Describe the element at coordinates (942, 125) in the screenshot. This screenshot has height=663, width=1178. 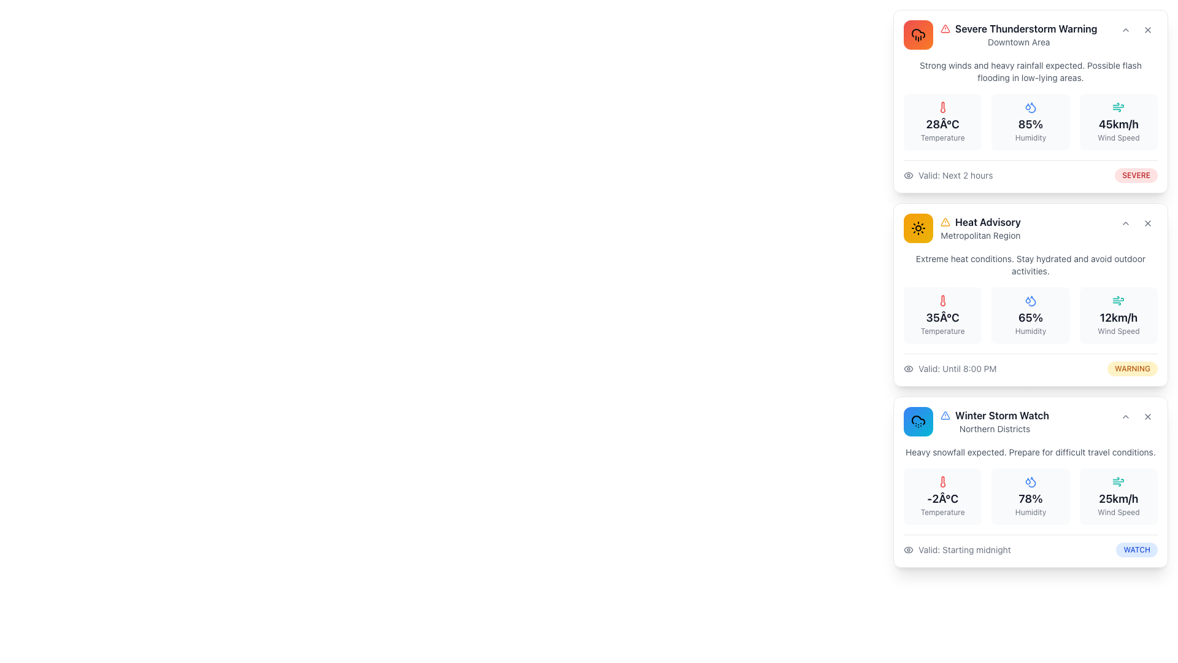
I see `the text display showing '28°C', which is styled in bold dark color and indicates weather information in the weather alert card for 'Severe Thunderstorm Warning'` at that location.